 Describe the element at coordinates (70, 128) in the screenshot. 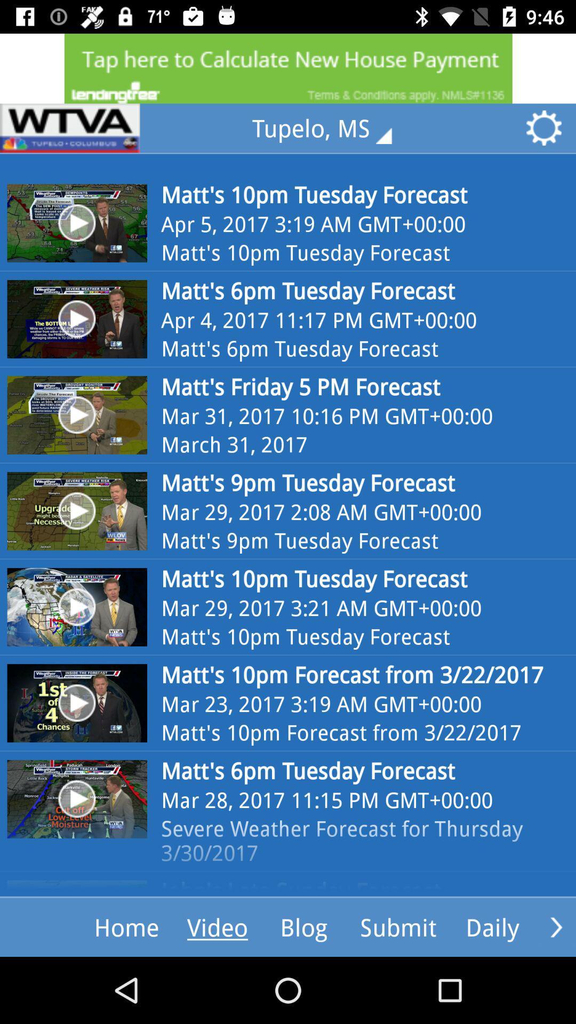

I see `sponser website` at that location.